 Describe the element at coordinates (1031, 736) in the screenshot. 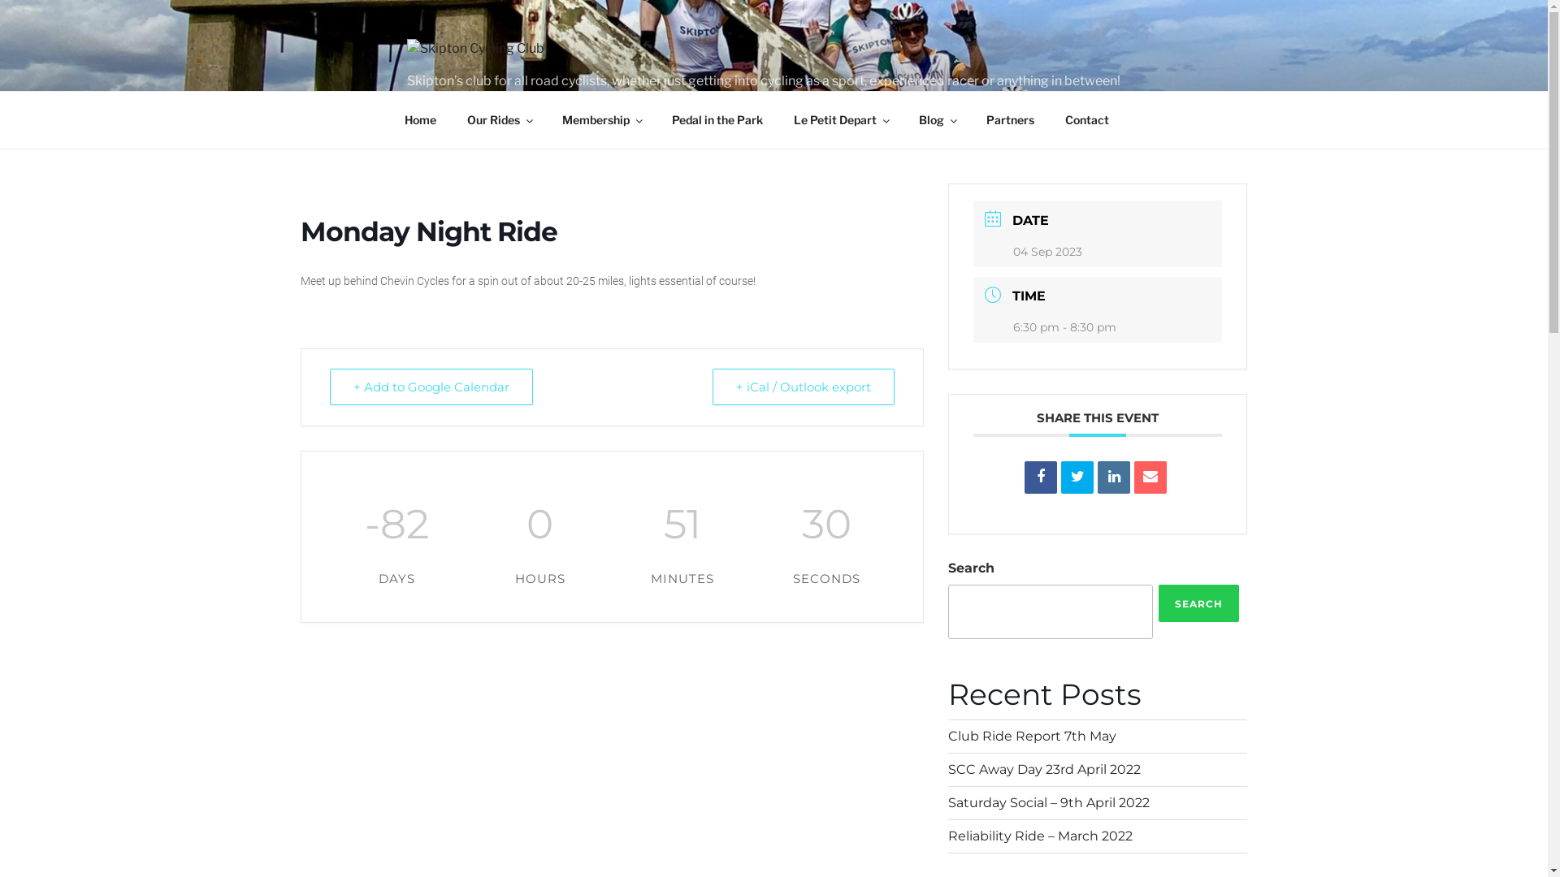

I see `'Club Ride Report 7th May'` at that location.